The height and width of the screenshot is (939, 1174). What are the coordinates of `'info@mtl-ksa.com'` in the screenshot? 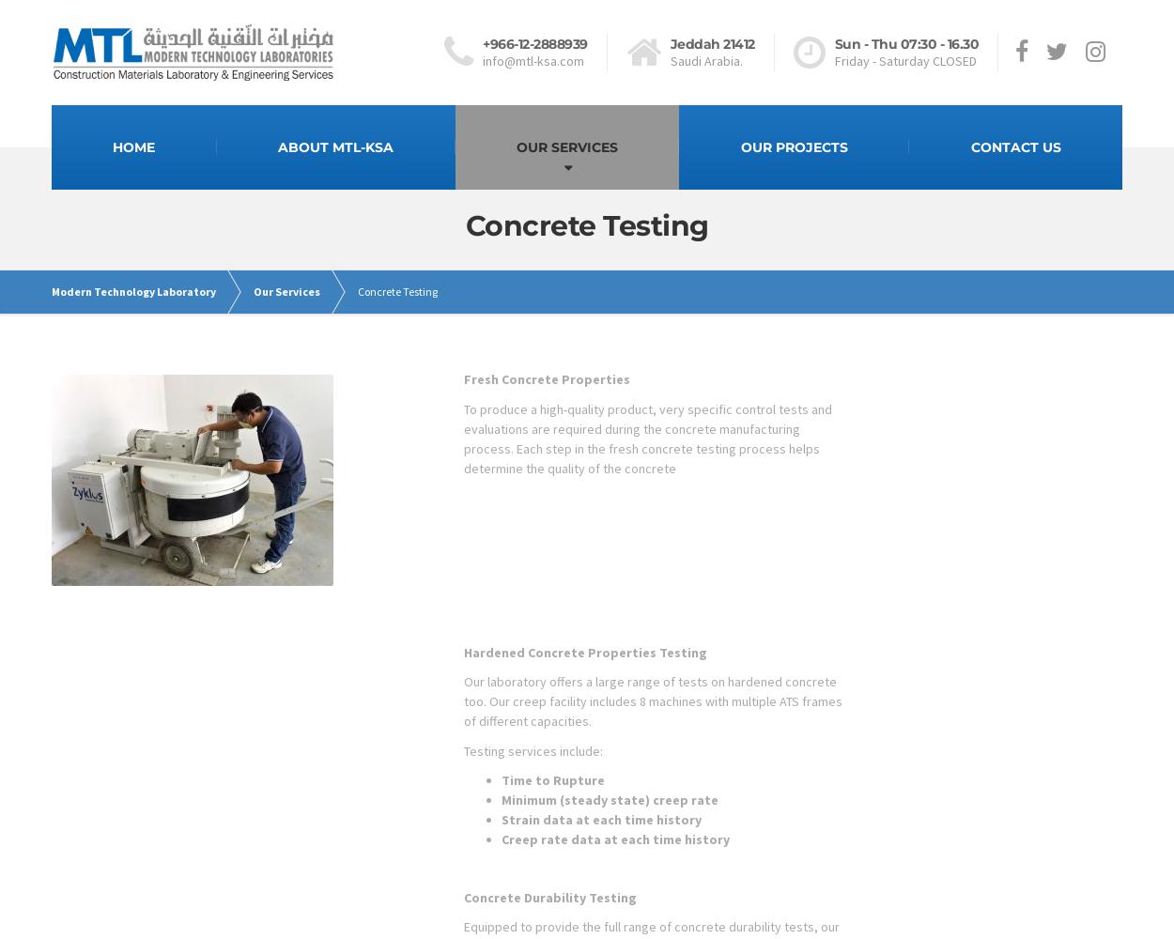 It's located at (533, 60).